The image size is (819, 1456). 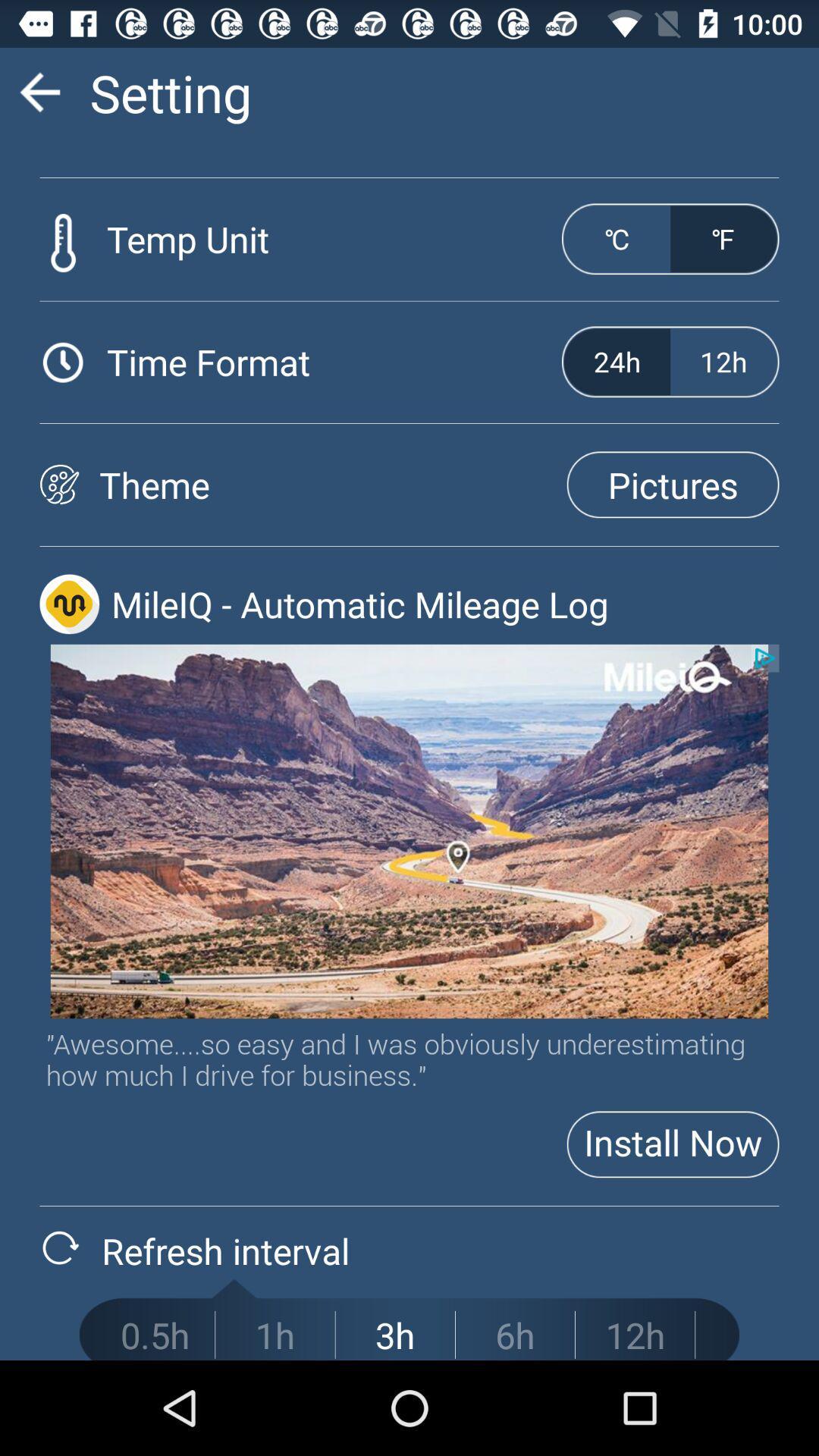 What do you see at coordinates (394, 1335) in the screenshot?
I see `3h item` at bounding box center [394, 1335].